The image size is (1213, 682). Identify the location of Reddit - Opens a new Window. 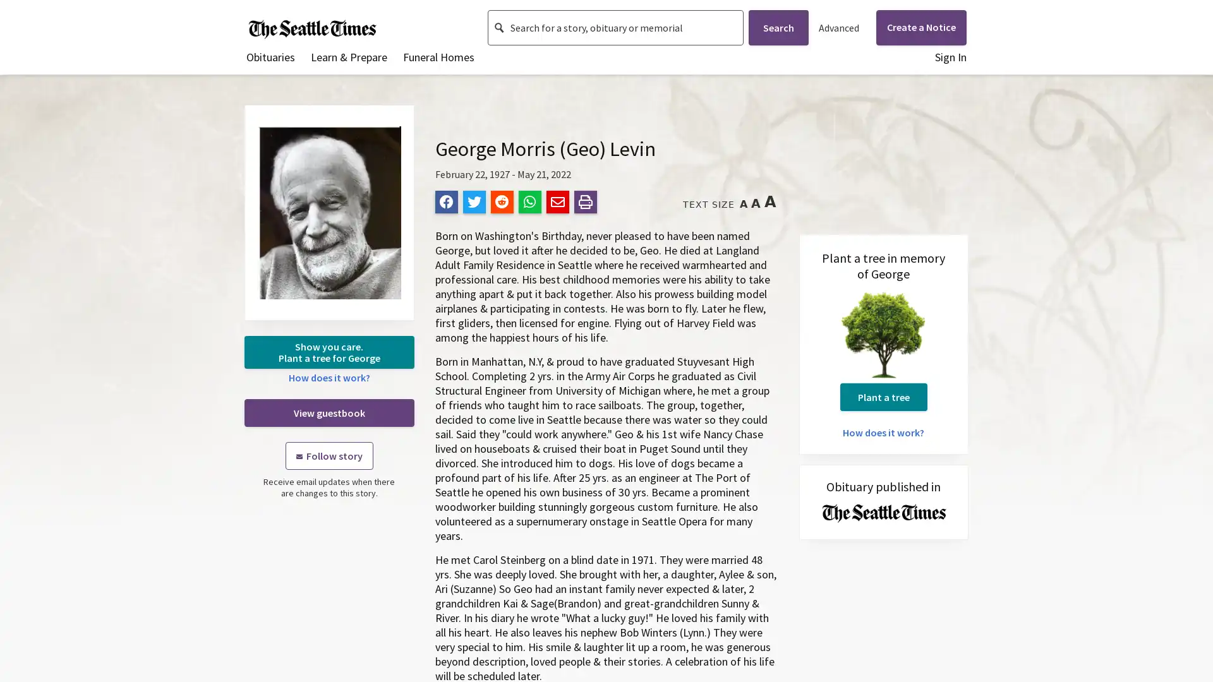
(500, 201).